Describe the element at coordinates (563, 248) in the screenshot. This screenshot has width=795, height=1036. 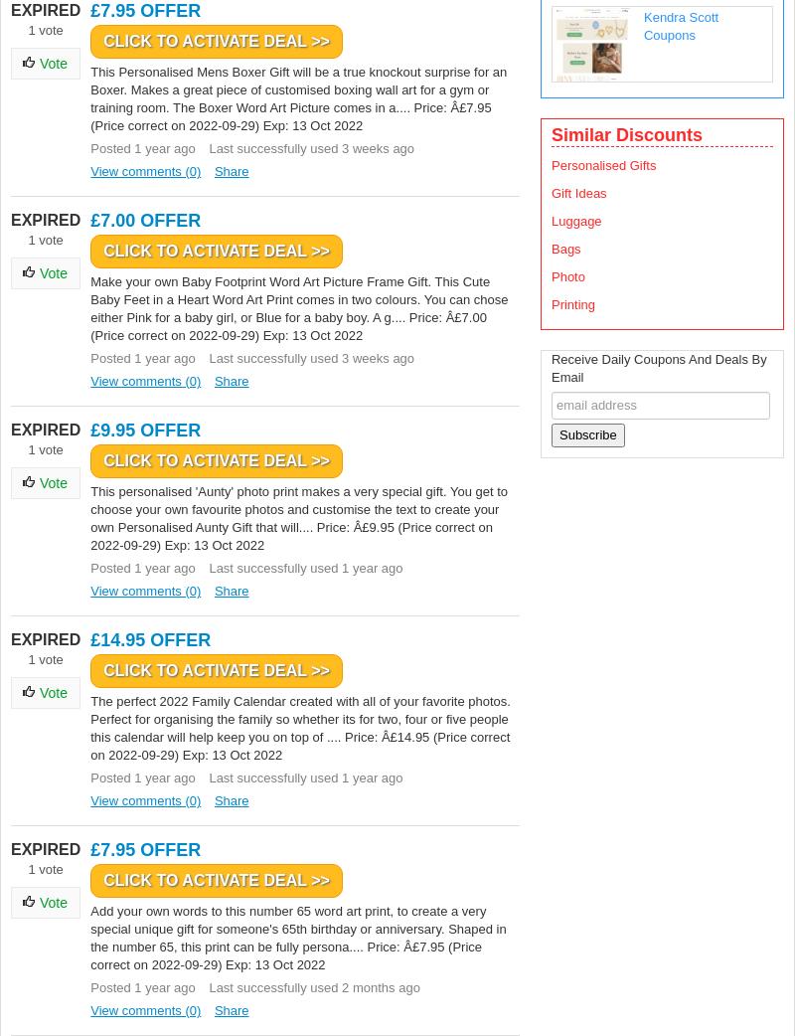
I see `'Bags'` at that location.